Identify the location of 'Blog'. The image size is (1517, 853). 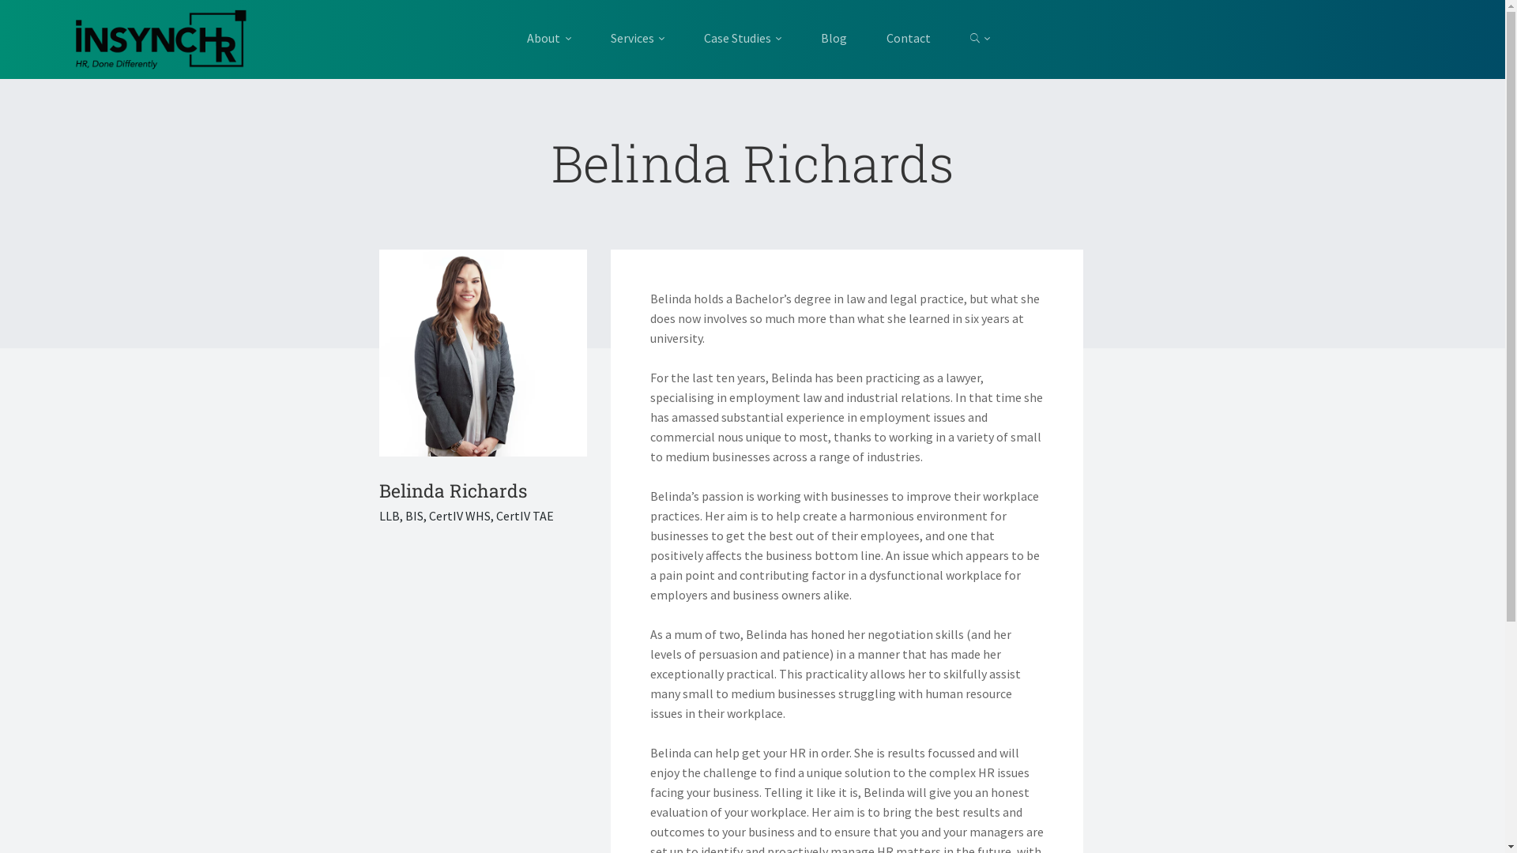
(833, 37).